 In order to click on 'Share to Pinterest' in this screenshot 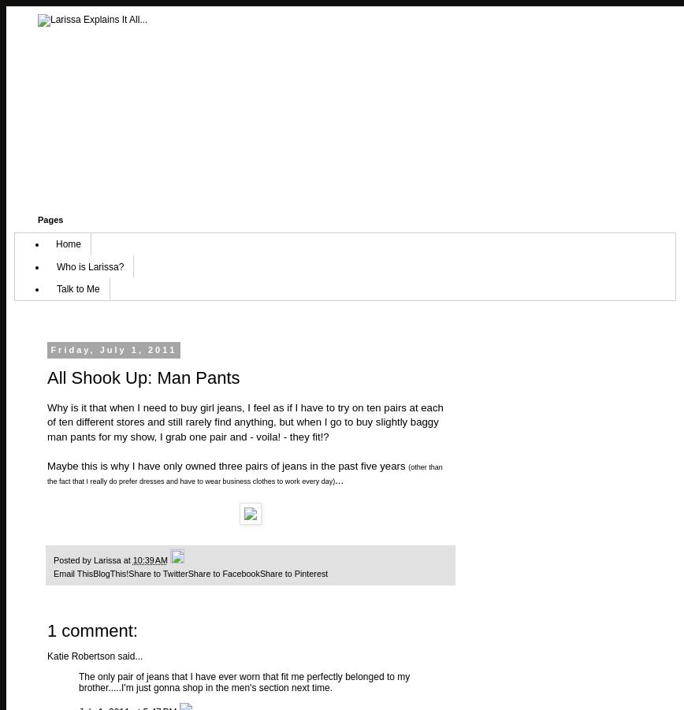, I will do `click(293, 573)`.